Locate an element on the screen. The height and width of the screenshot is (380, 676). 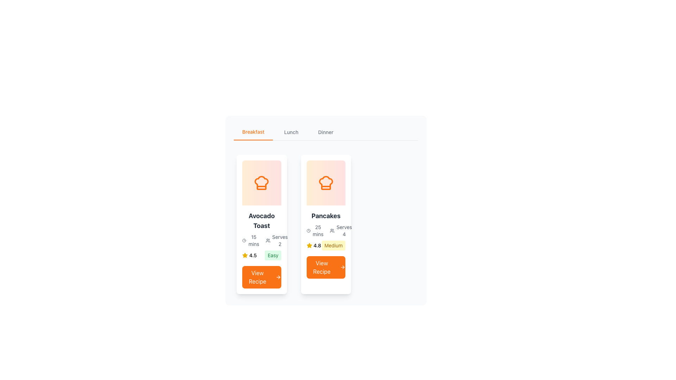
the estimated preparation time label located in the breakfast recipe card for 'Avocado Toast', which is positioned below the chef's hat icon and to the left of the 'Serves 2' text is located at coordinates (254, 240).